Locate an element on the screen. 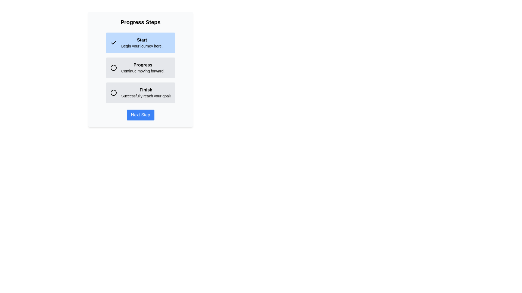 The height and width of the screenshot is (293, 522). the inner circle of the 'Finish' status indicator icon, which is part of the progress indicator list is located at coordinates (113, 93).